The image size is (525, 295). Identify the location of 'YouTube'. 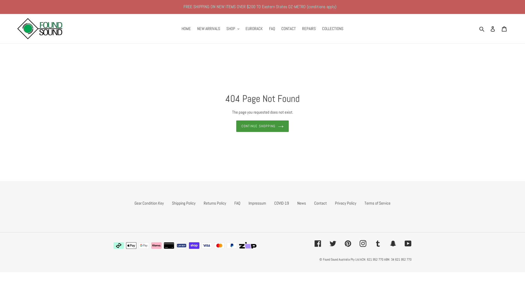
(408, 243).